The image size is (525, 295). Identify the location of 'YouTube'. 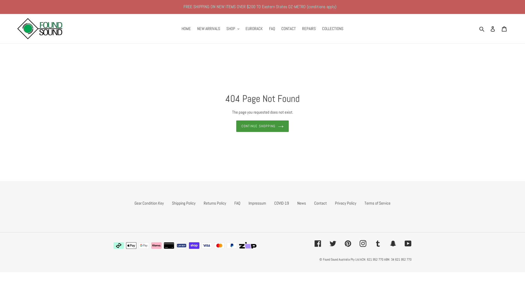
(408, 243).